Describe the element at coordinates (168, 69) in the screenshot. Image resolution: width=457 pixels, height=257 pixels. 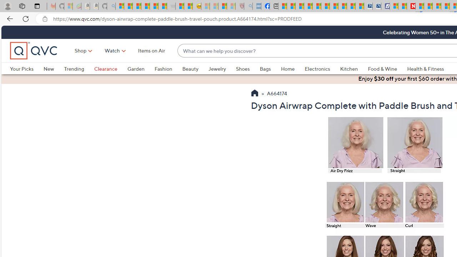
I see `'Fashion'` at that location.